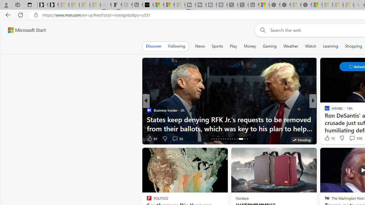 The image size is (365, 205). Describe the element at coordinates (352, 138) in the screenshot. I see `'View comments 330 Comment'` at that location.